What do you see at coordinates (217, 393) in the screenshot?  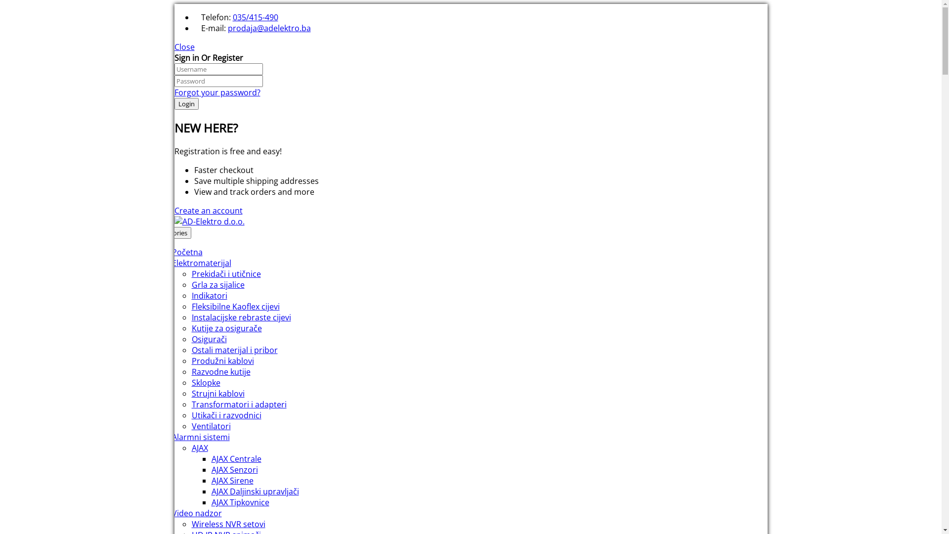 I see `'Strujni kablovi'` at bounding box center [217, 393].